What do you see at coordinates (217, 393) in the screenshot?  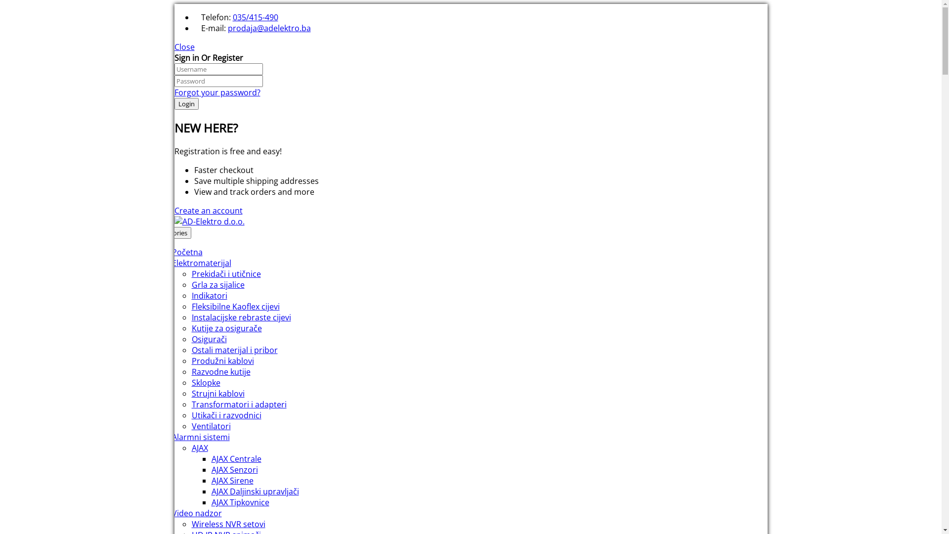 I see `'Strujni kablovi'` at bounding box center [217, 393].